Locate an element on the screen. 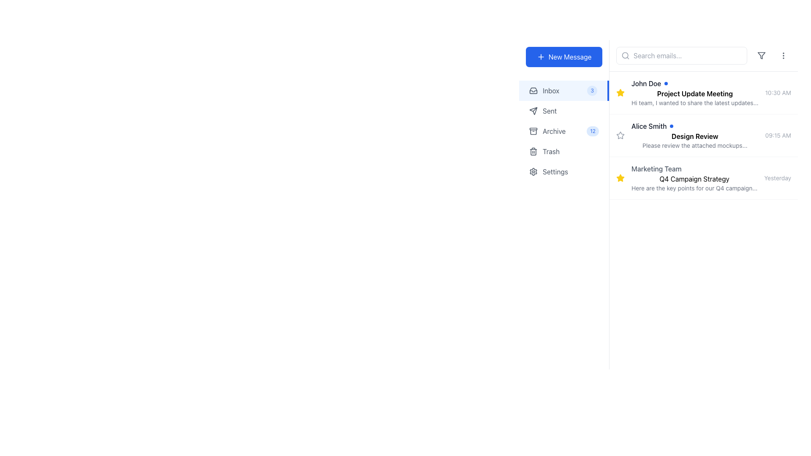 The height and width of the screenshot is (456, 811). the second list item in the email inbox featuring the sender 'Alice Smith' and the title 'Design Review' is located at coordinates (703, 135).